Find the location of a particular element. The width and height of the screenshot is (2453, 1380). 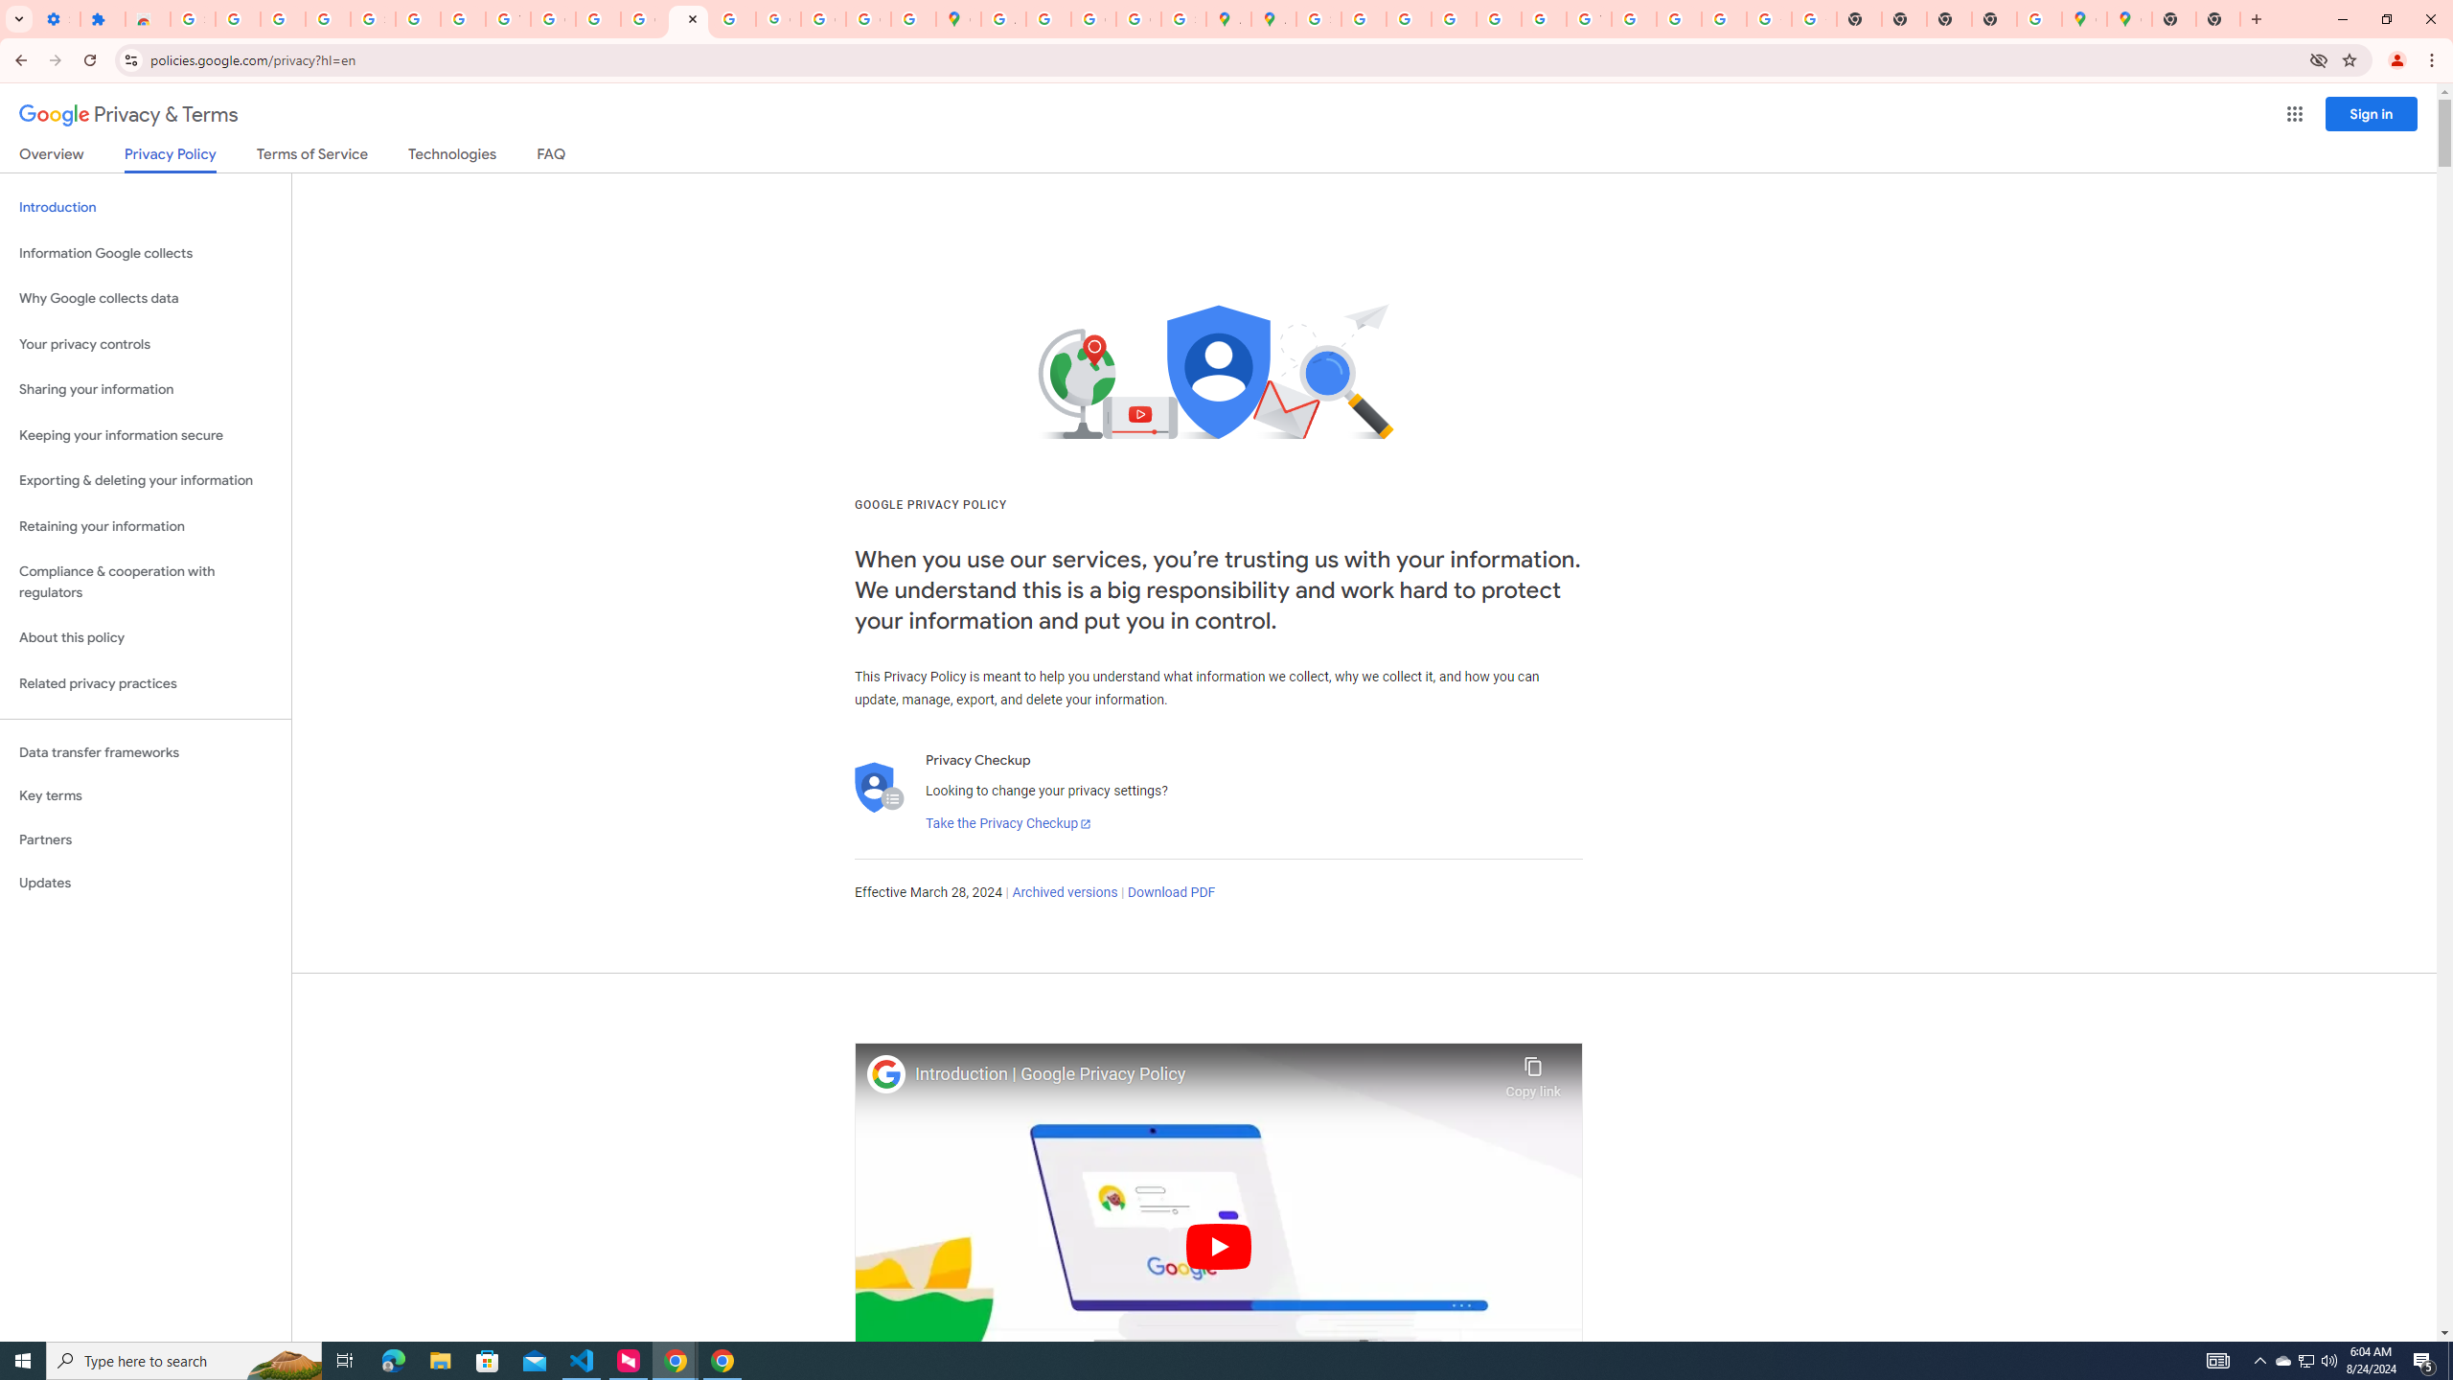

'Google apps' is located at coordinates (2293, 113).